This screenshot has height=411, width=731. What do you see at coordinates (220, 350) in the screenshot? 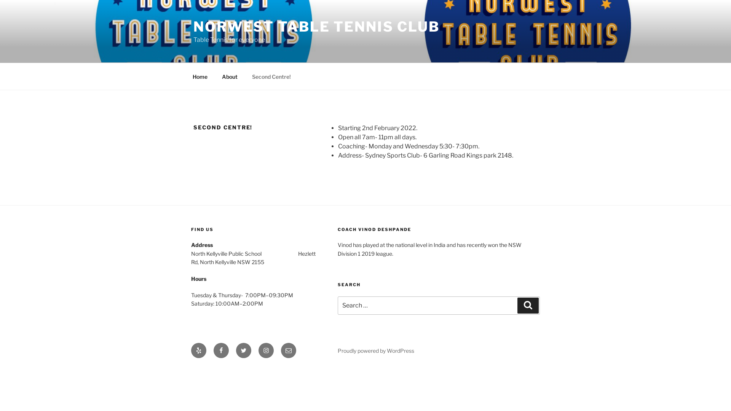
I see `'Facebook'` at bounding box center [220, 350].